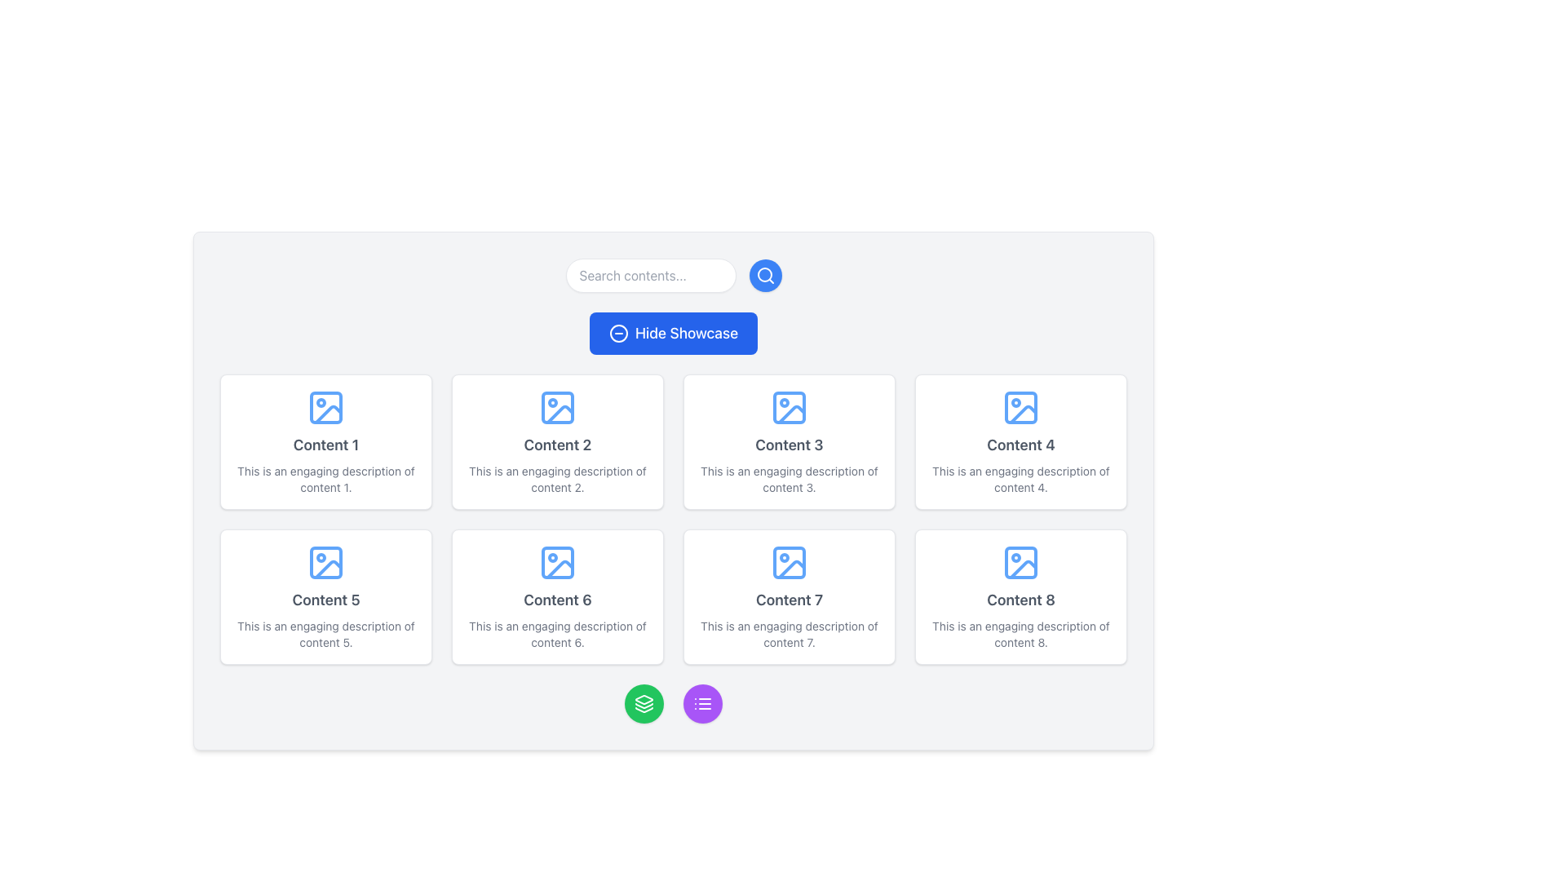  Describe the element at coordinates (325, 634) in the screenshot. I see `the text label that states 'This is an engaging description of content 5.' located beneath the header 'Content 5' in the center-left card of the grid layout` at that location.